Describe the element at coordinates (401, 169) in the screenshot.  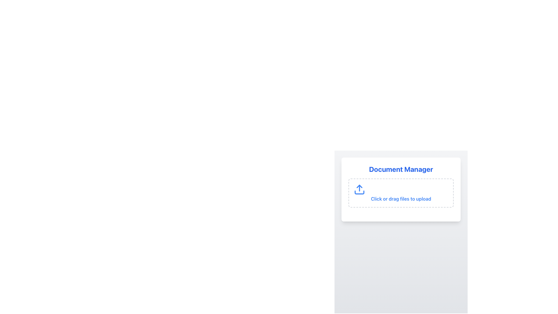
I see `text label that says 'Document Manager', which is styled in bold and blue color, located at the top of the card component` at that location.